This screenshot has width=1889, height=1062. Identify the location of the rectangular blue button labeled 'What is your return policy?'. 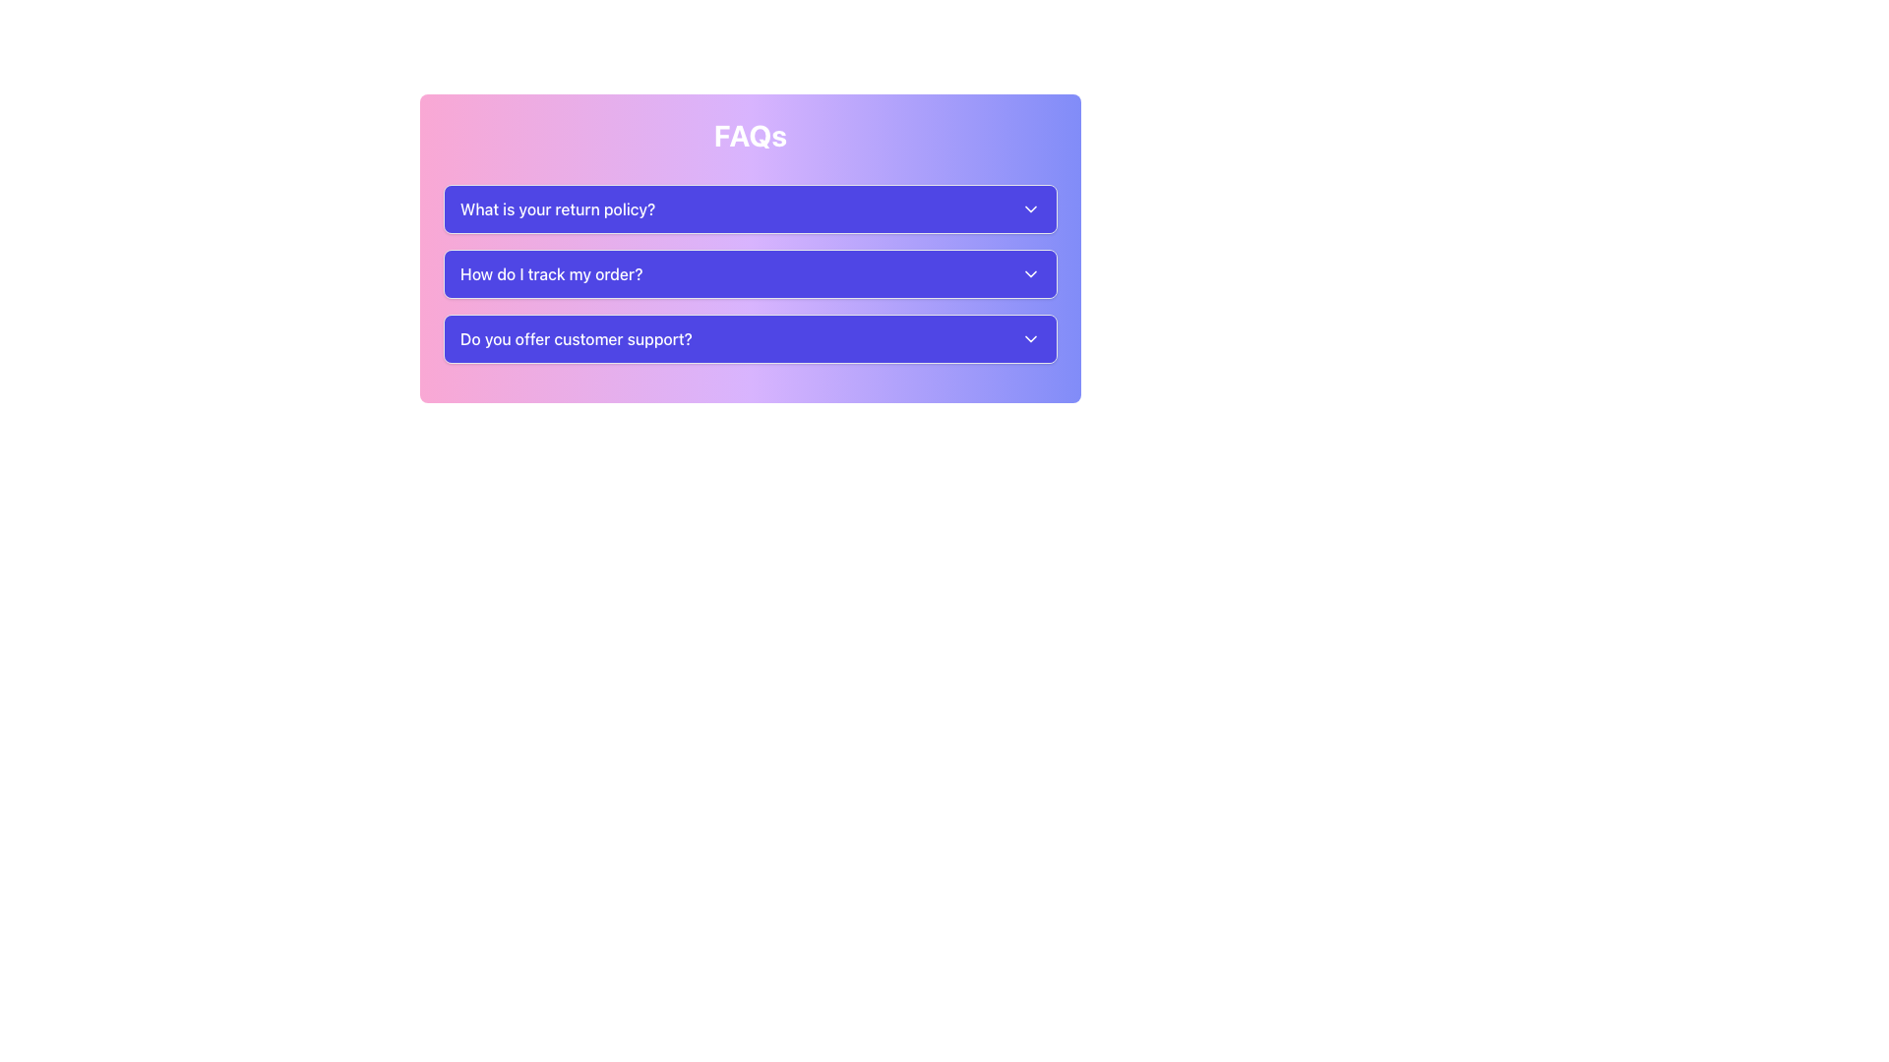
(750, 208).